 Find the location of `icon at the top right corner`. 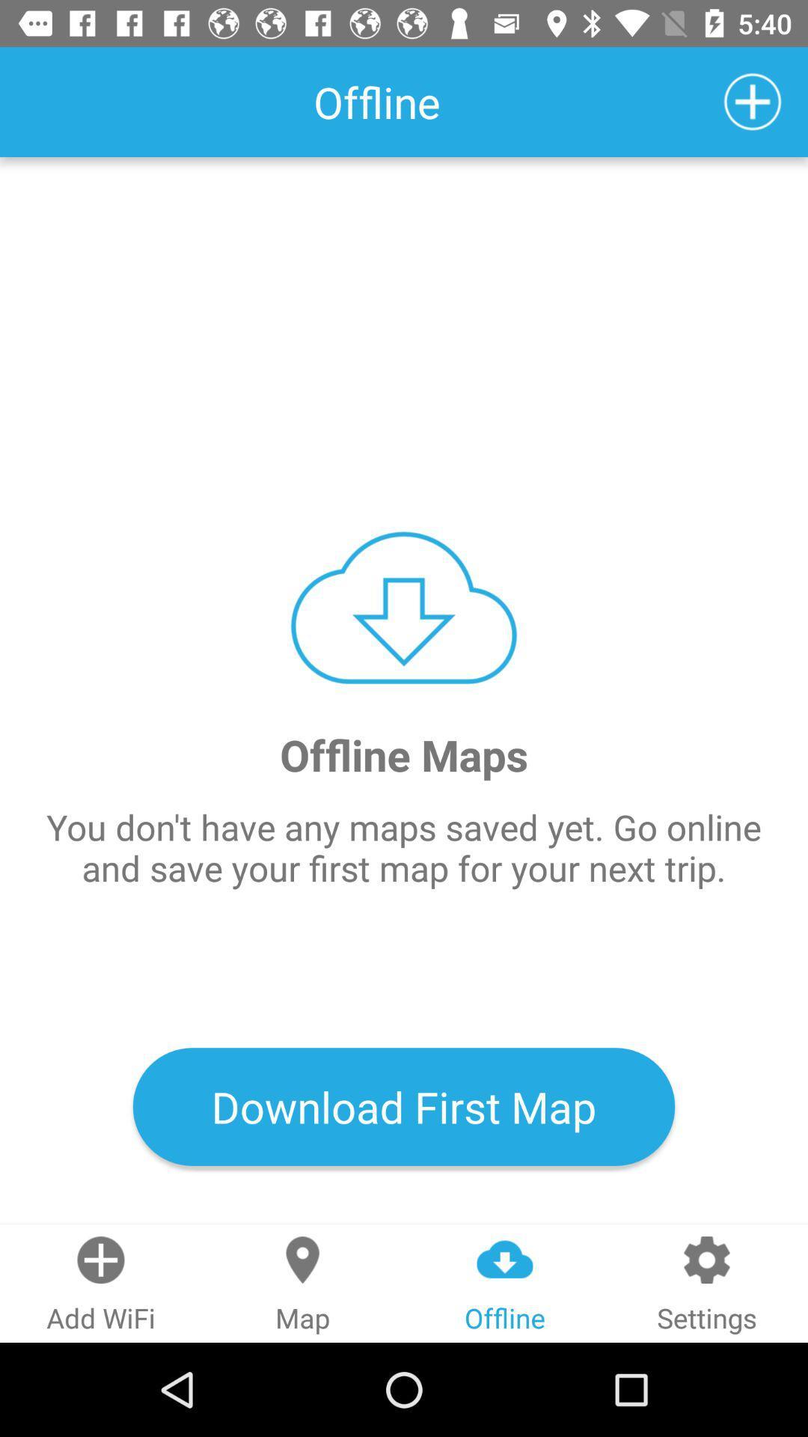

icon at the top right corner is located at coordinates (753, 101).